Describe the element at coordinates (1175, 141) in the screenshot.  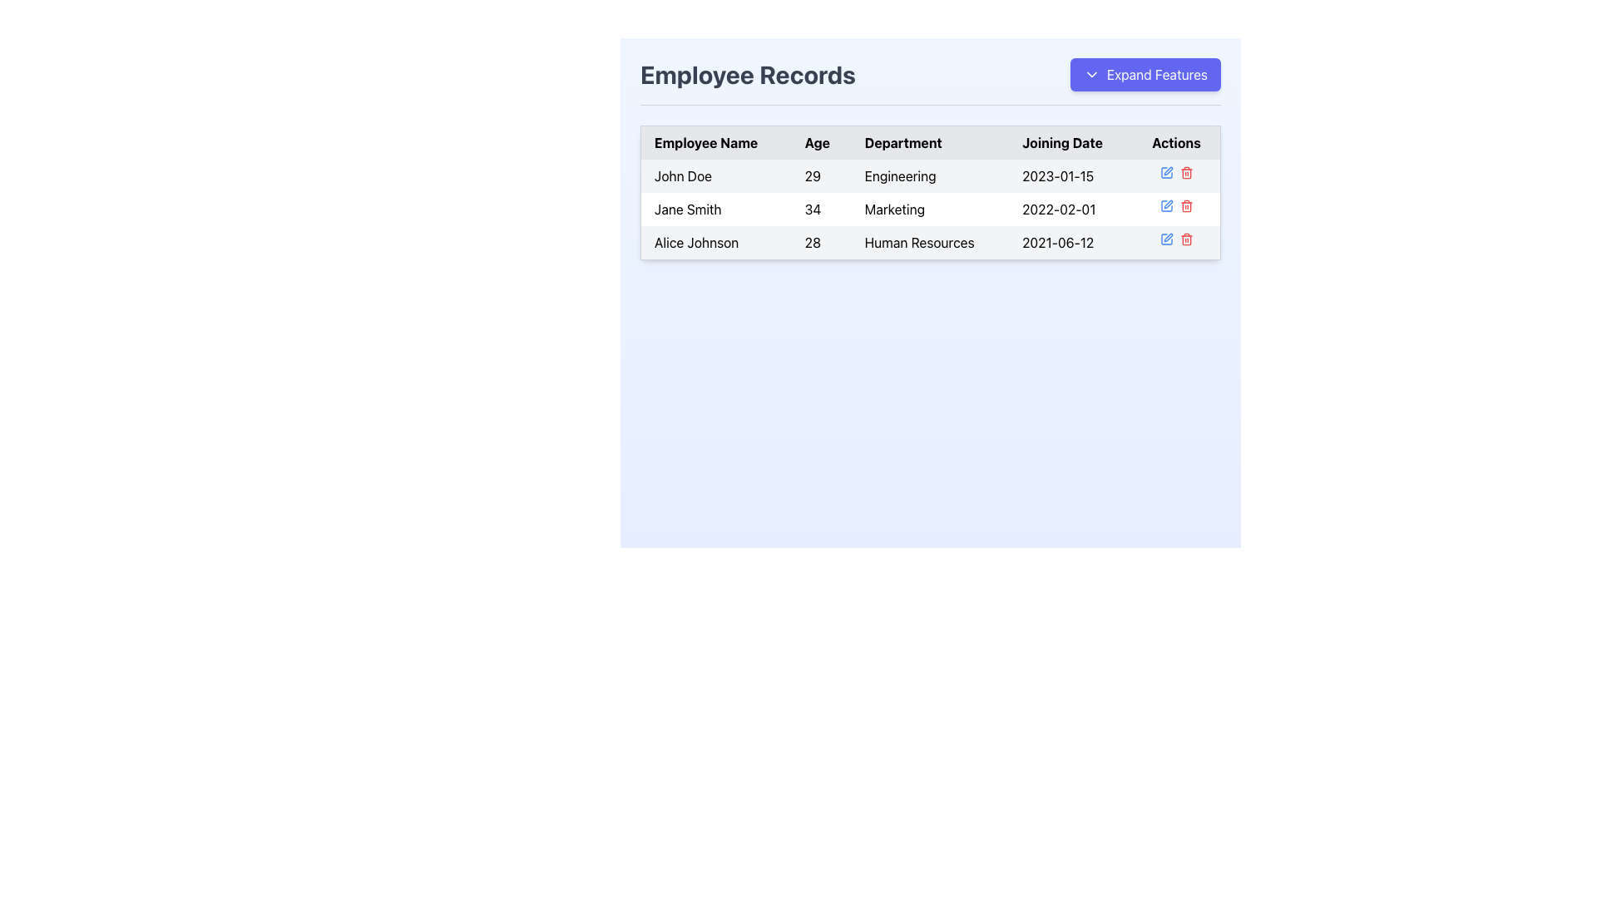
I see `the 'Actions' header label in the data table, which indicates the purpose of the column related to available actions for items` at that location.